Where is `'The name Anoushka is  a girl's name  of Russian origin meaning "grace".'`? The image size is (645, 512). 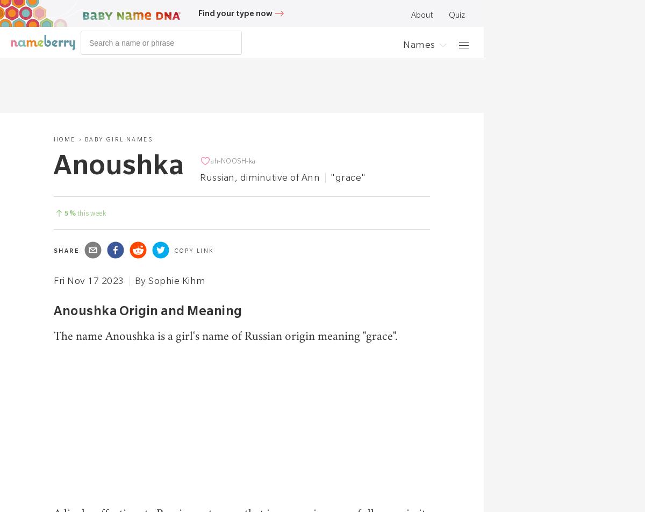 'The name Anoushka is  a girl's name  of Russian origin meaning "grace".' is located at coordinates (226, 337).